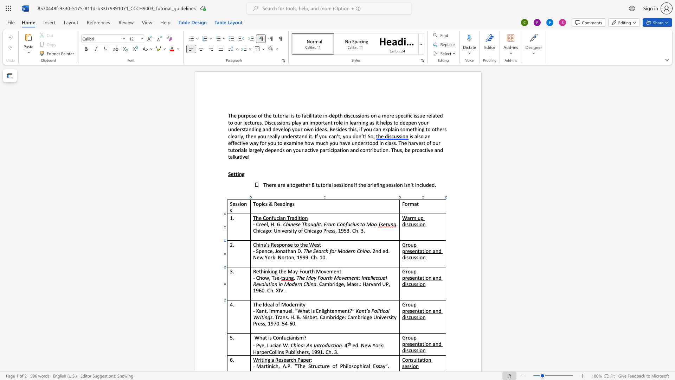  Describe the element at coordinates (412, 277) in the screenshot. I see `the space between the continuous character "s" and "e" in the text` at that location.